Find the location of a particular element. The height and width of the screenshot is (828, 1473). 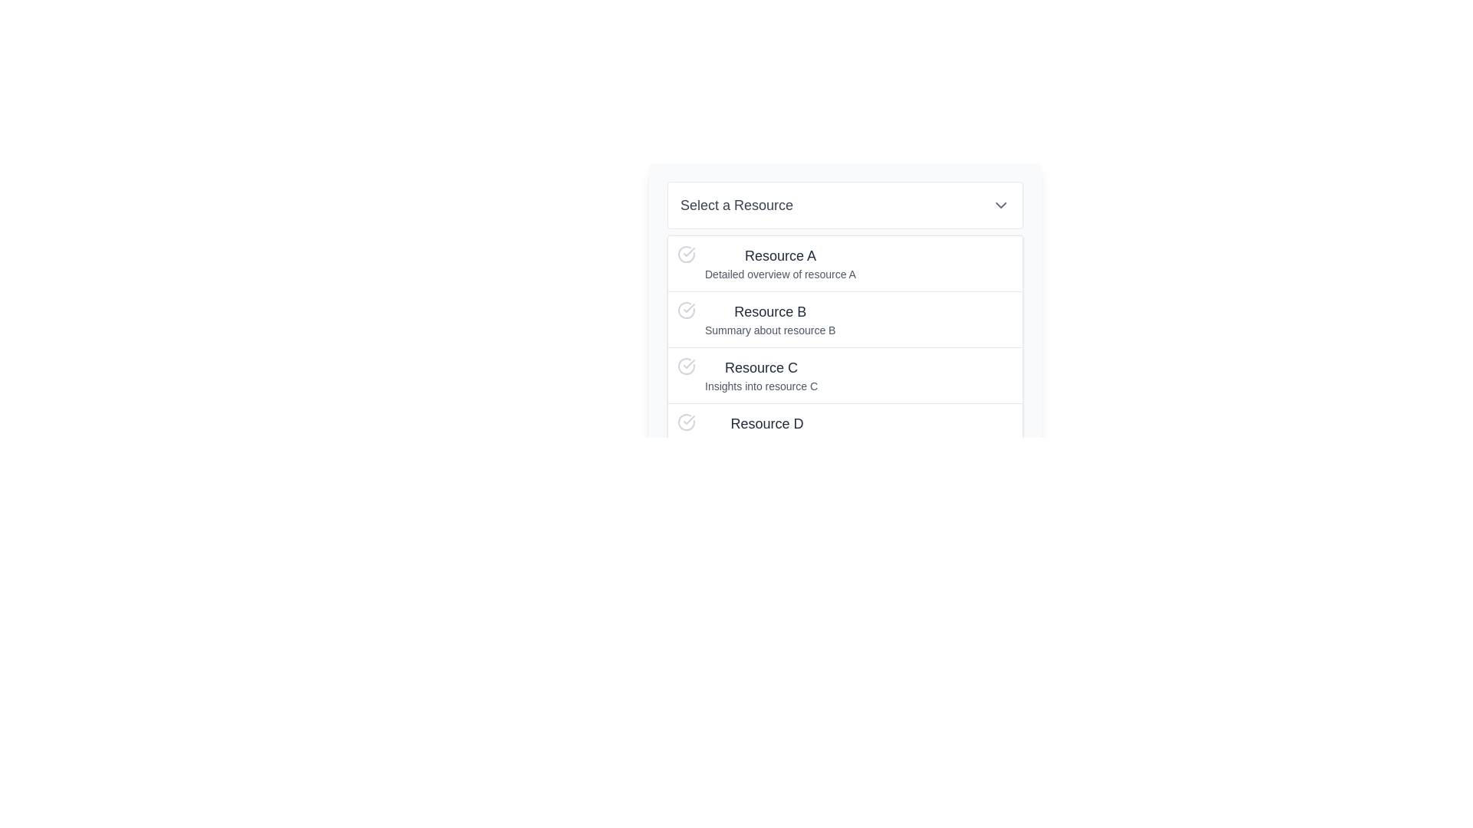

the Text label that informs the user about the functionality of the associated dropdown menu is located at coordinates (736, 204).